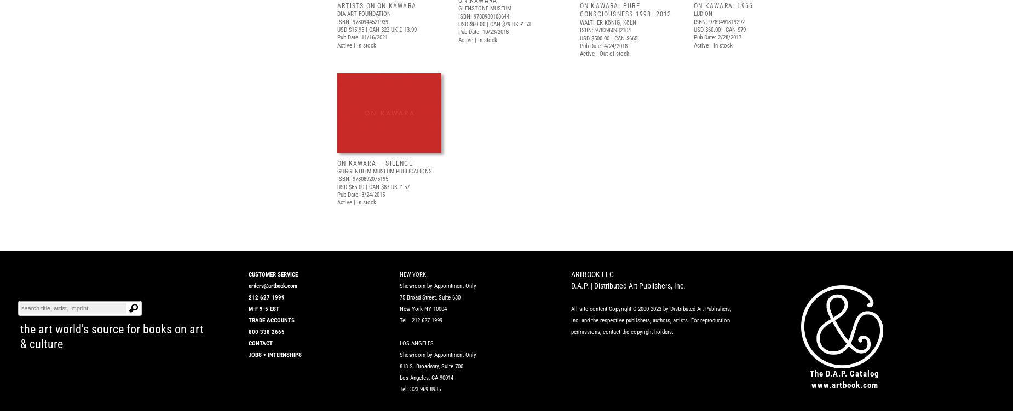 This screenshot has width=1013, height=411. Describe the element at coordinates (628, 285) in the screenshot. I see `'D.A.P. | Distributed Art Publishers, Inc.'` at that location.